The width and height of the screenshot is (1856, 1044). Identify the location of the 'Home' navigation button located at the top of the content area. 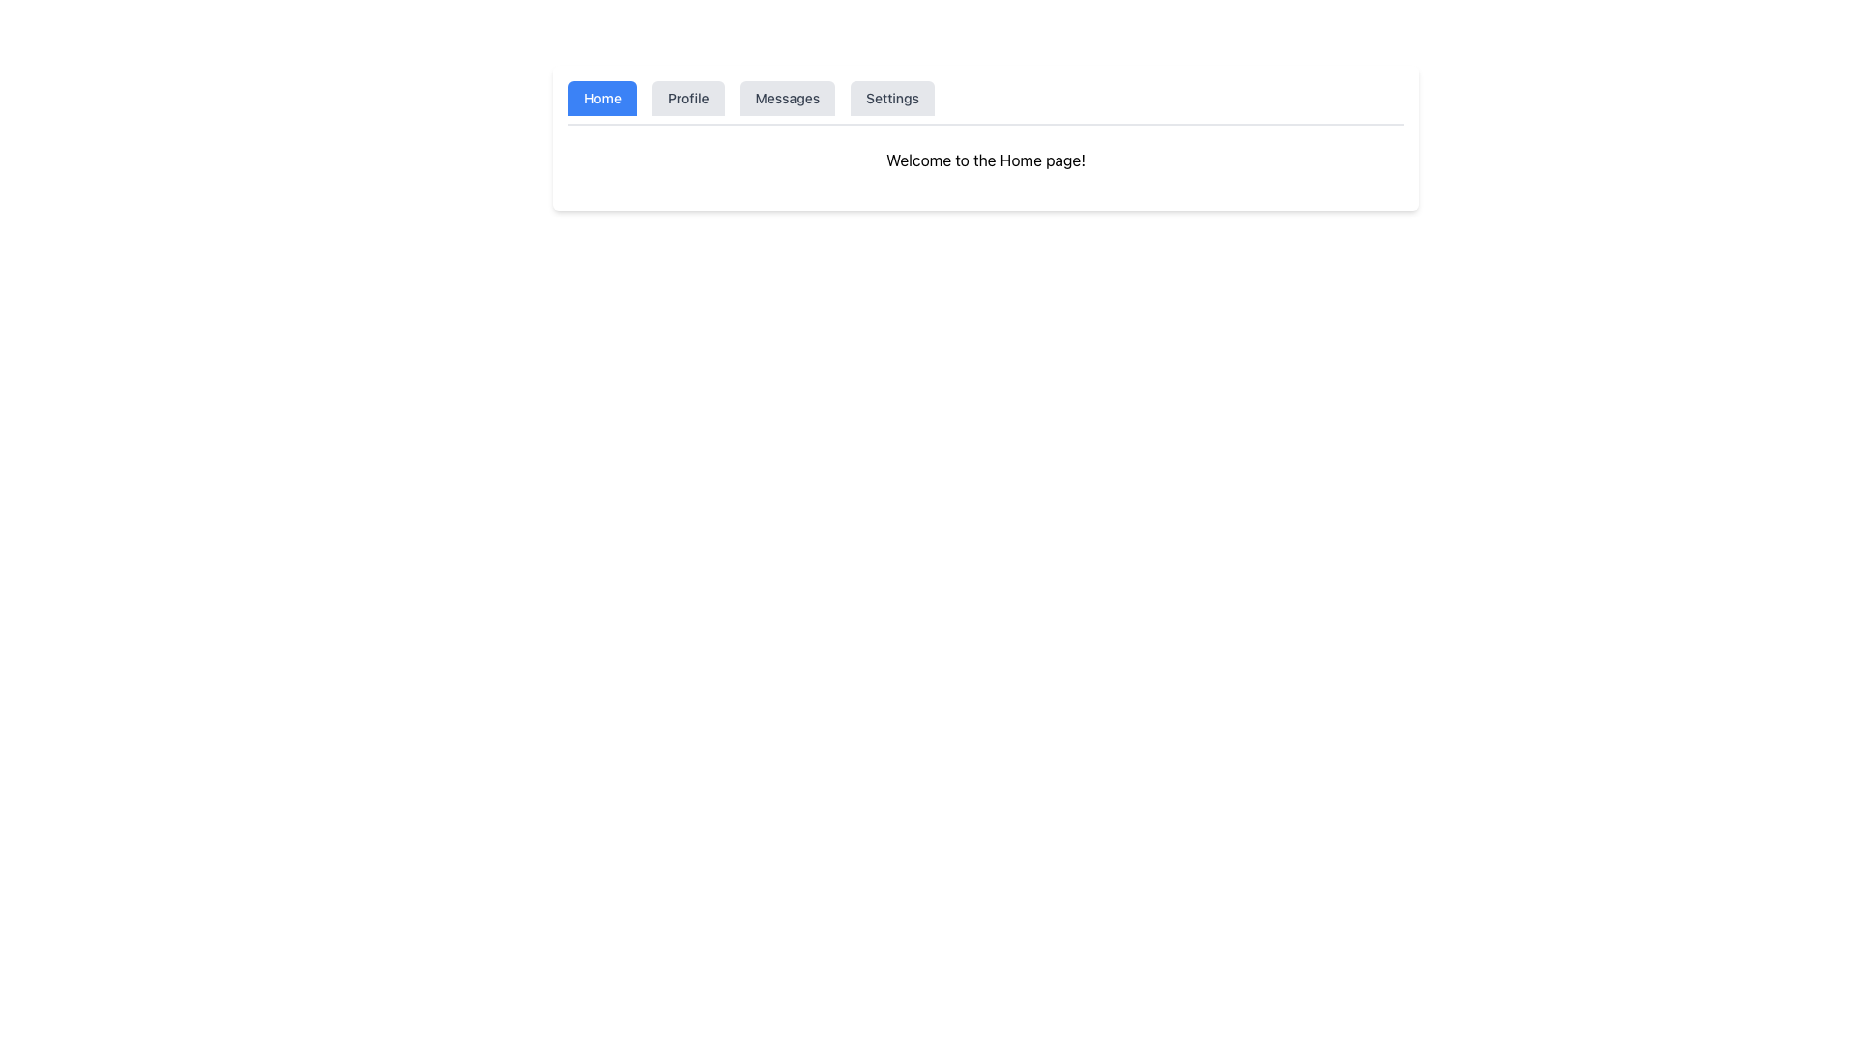
(601, 98).